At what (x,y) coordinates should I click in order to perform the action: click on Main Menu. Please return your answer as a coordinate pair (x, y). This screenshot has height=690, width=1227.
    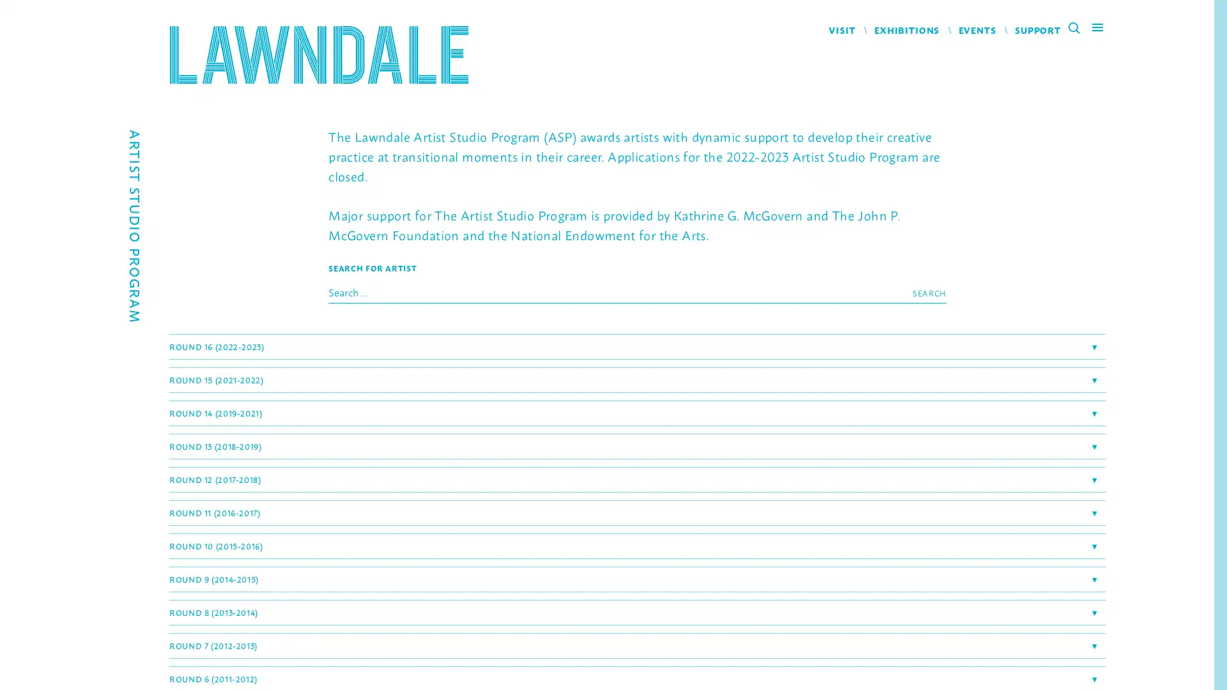
    Looking at the image, I should click on (1097, 29).